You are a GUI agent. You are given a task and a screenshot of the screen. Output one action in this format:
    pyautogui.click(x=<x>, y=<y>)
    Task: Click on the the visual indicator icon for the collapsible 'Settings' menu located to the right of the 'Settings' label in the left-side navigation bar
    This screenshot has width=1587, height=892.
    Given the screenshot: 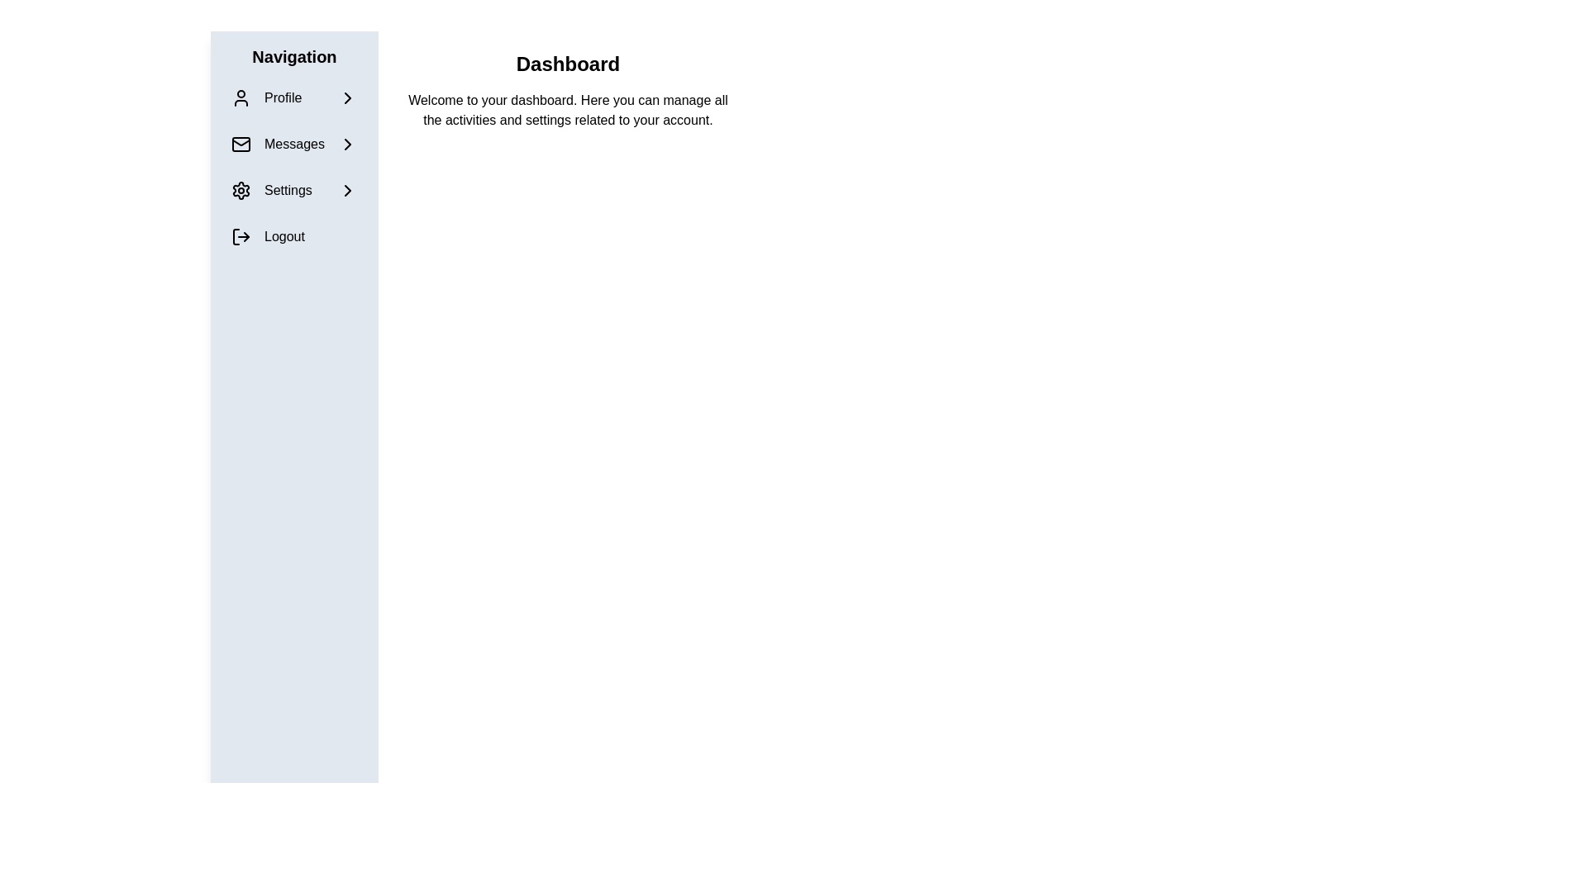 What is the action you would take?
    pyautogui.click(x=346, y=190)
    